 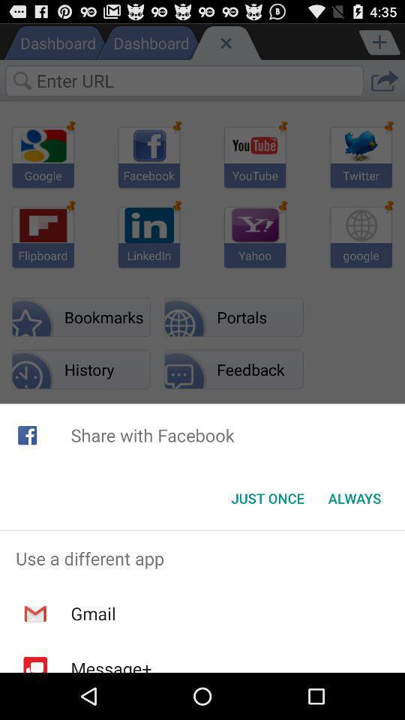 I want to click on the item next to the just once item, so click(x=354, y=498).